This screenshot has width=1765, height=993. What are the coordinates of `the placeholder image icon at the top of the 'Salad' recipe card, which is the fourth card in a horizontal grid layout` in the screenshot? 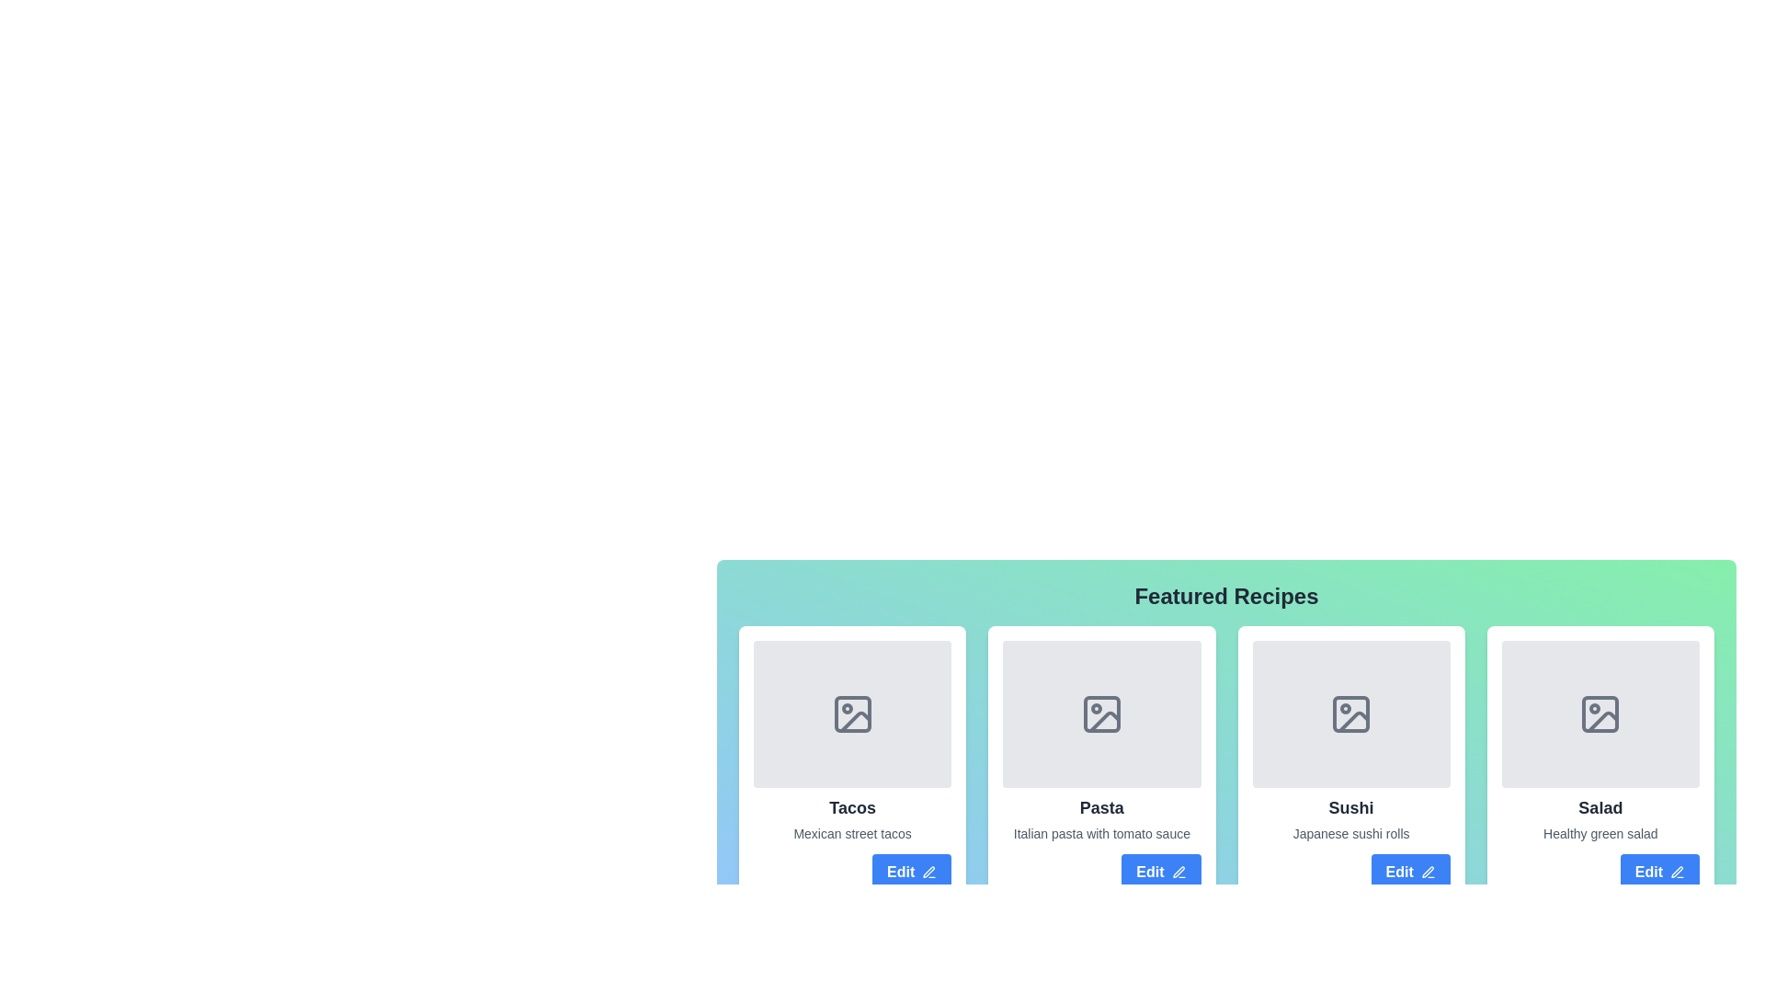 It's located at (1600, 766).